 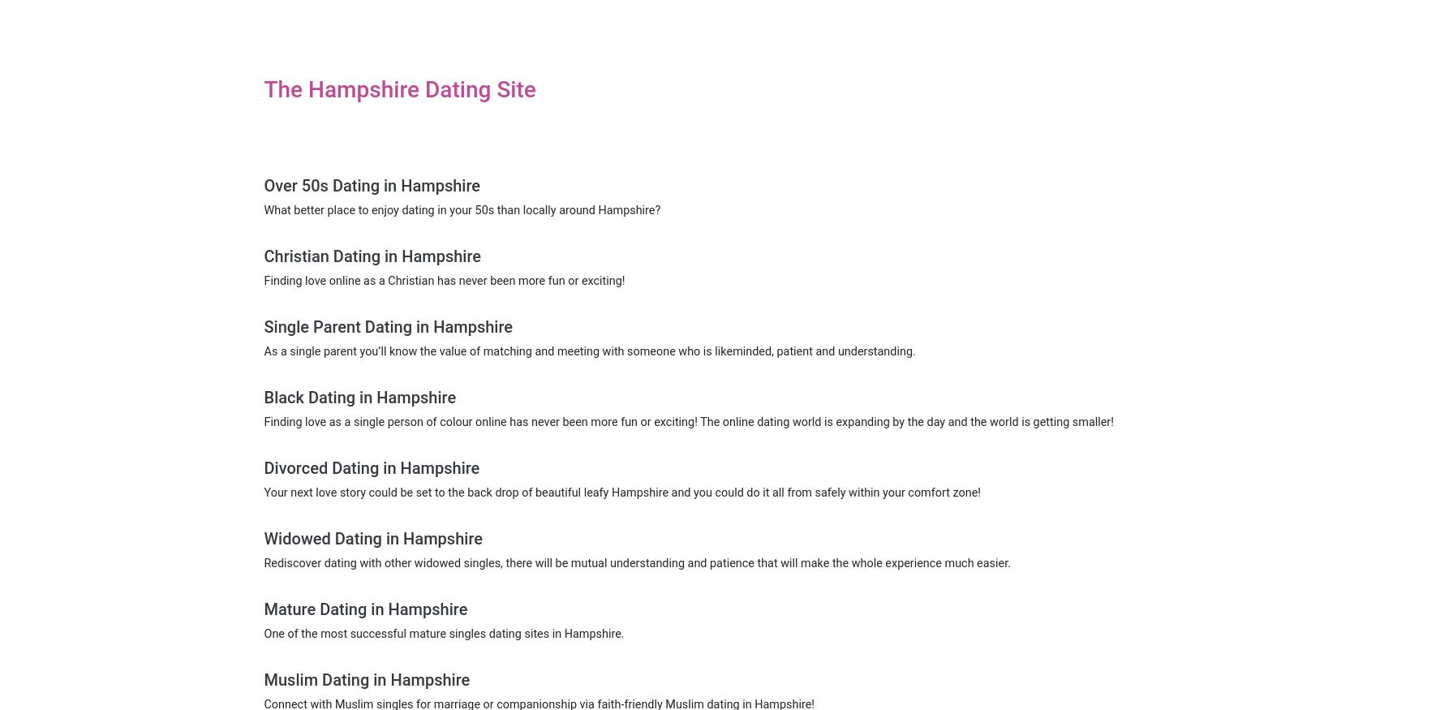 What do you see at coordinates (372, 256) in the screenshot?
I see `'Christian Dating in Hampshire'` at bounding box center [372, 256].